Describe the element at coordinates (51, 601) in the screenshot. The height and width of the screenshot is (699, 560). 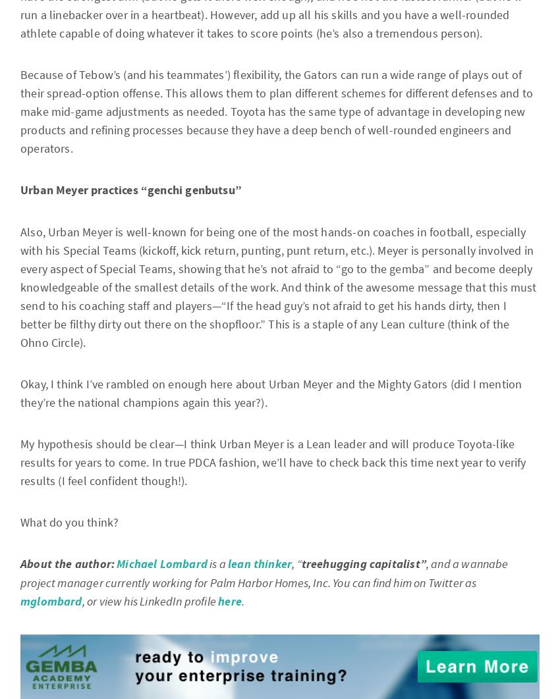
I see `'mglombard'` at that location.